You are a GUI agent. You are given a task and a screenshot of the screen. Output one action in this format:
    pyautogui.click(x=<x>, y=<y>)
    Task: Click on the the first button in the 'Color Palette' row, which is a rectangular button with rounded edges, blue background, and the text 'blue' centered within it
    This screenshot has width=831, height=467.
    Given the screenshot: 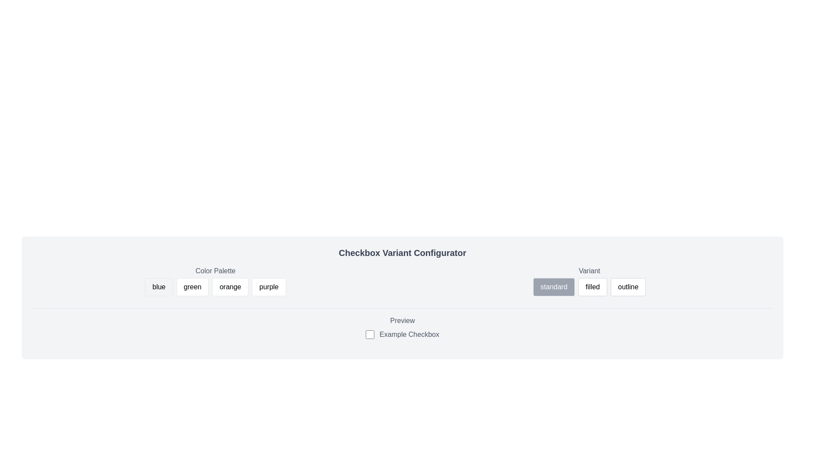 What is the action you would take?
    pyautogui.click(x=159, y=287)
    